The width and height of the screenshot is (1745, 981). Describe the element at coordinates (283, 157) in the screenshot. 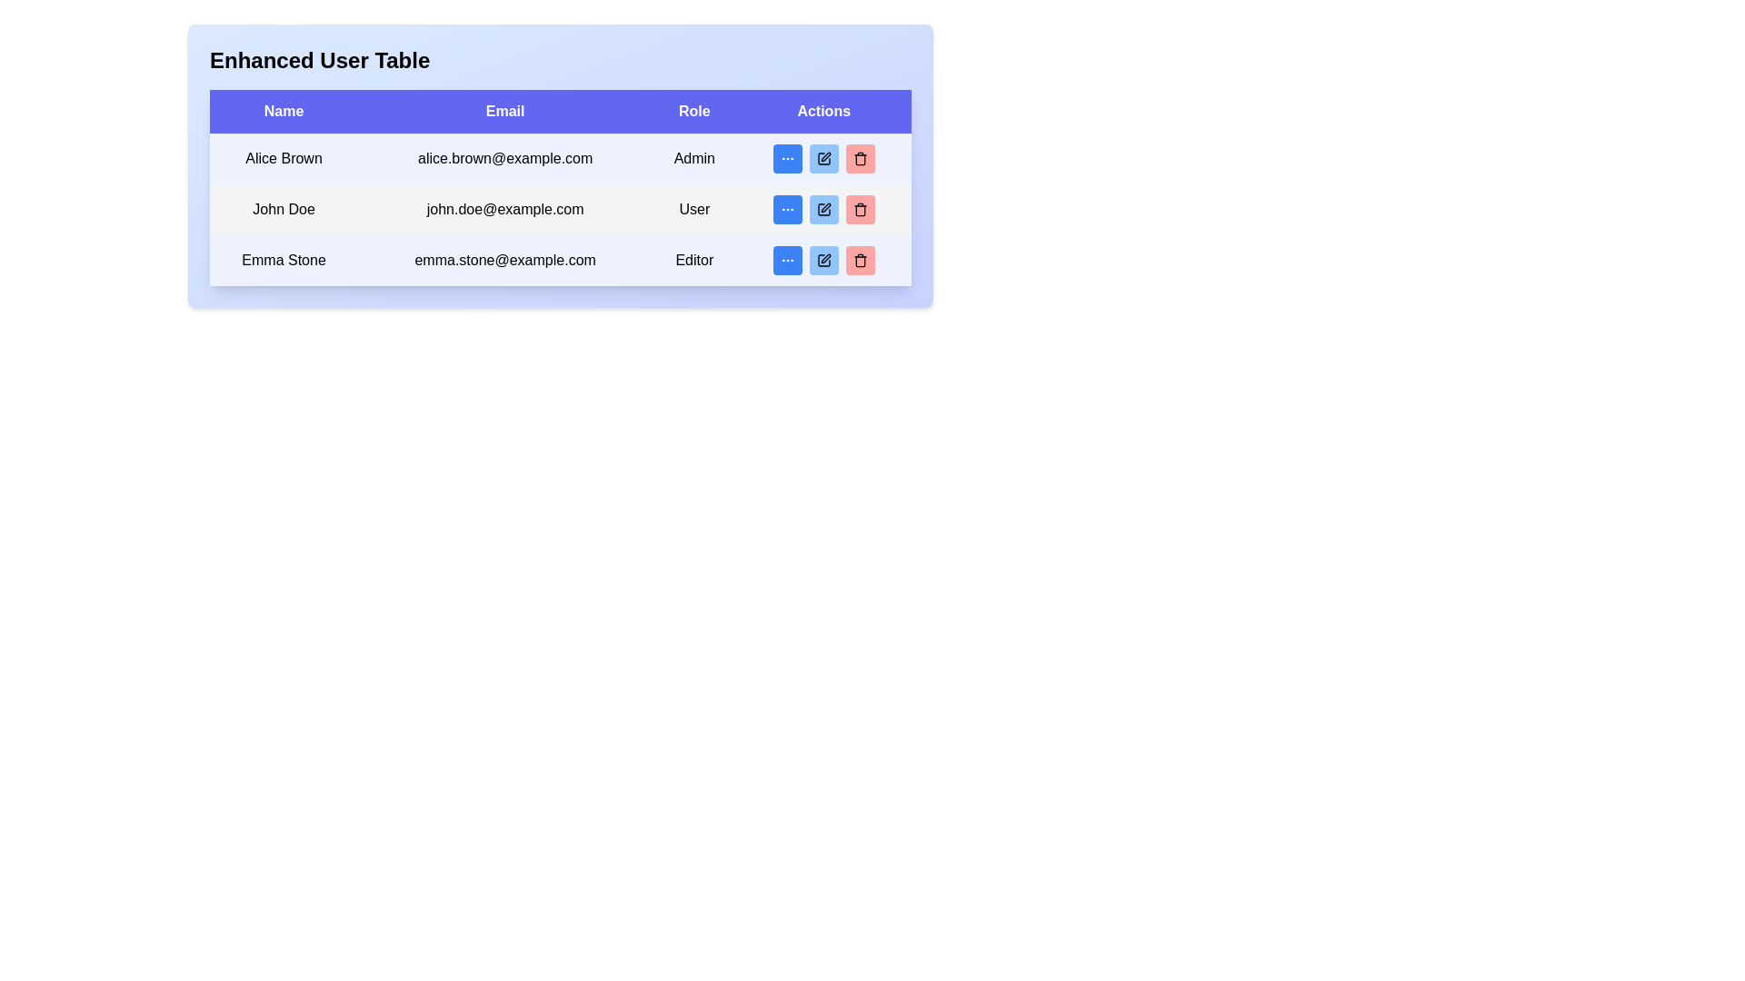

I see `displayed text of the Text Label that shows the user's name in the first row under the 'Name' column of the 'Enhanced User Table'` at that location.